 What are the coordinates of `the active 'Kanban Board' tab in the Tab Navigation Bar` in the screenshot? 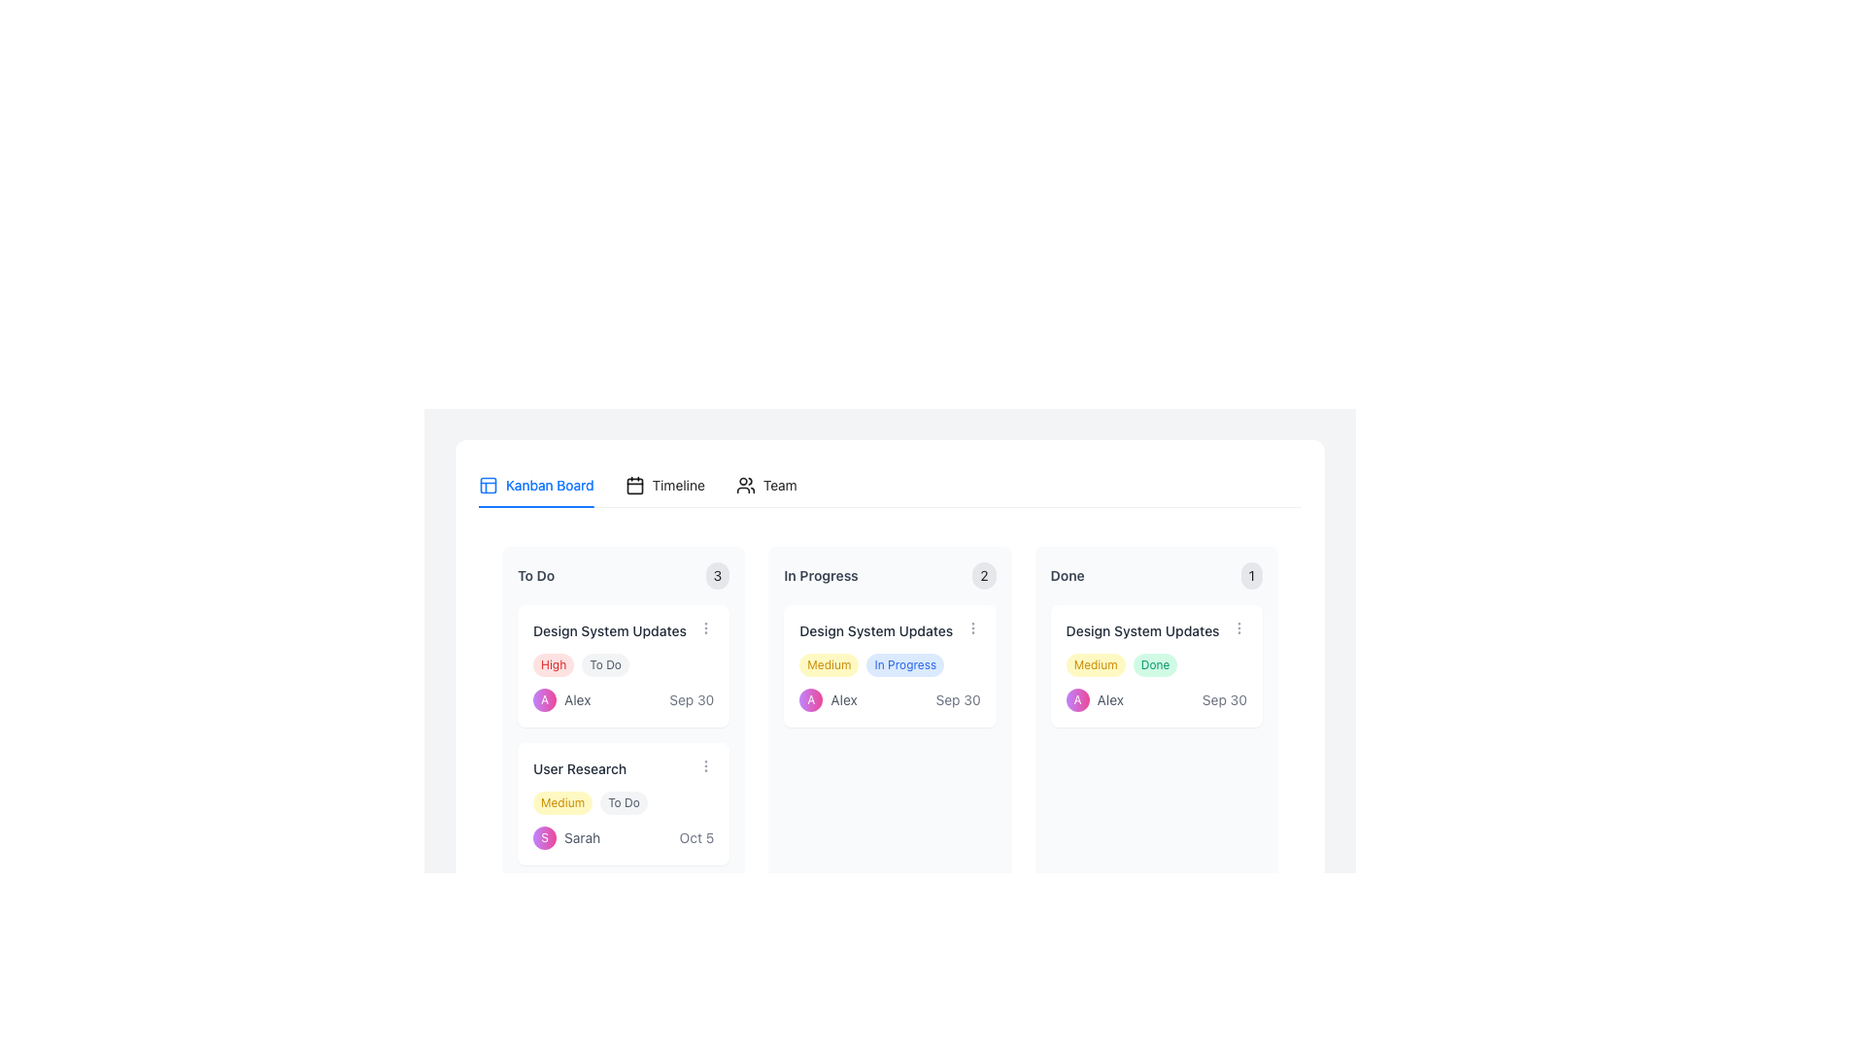 It's located at (889, 485).